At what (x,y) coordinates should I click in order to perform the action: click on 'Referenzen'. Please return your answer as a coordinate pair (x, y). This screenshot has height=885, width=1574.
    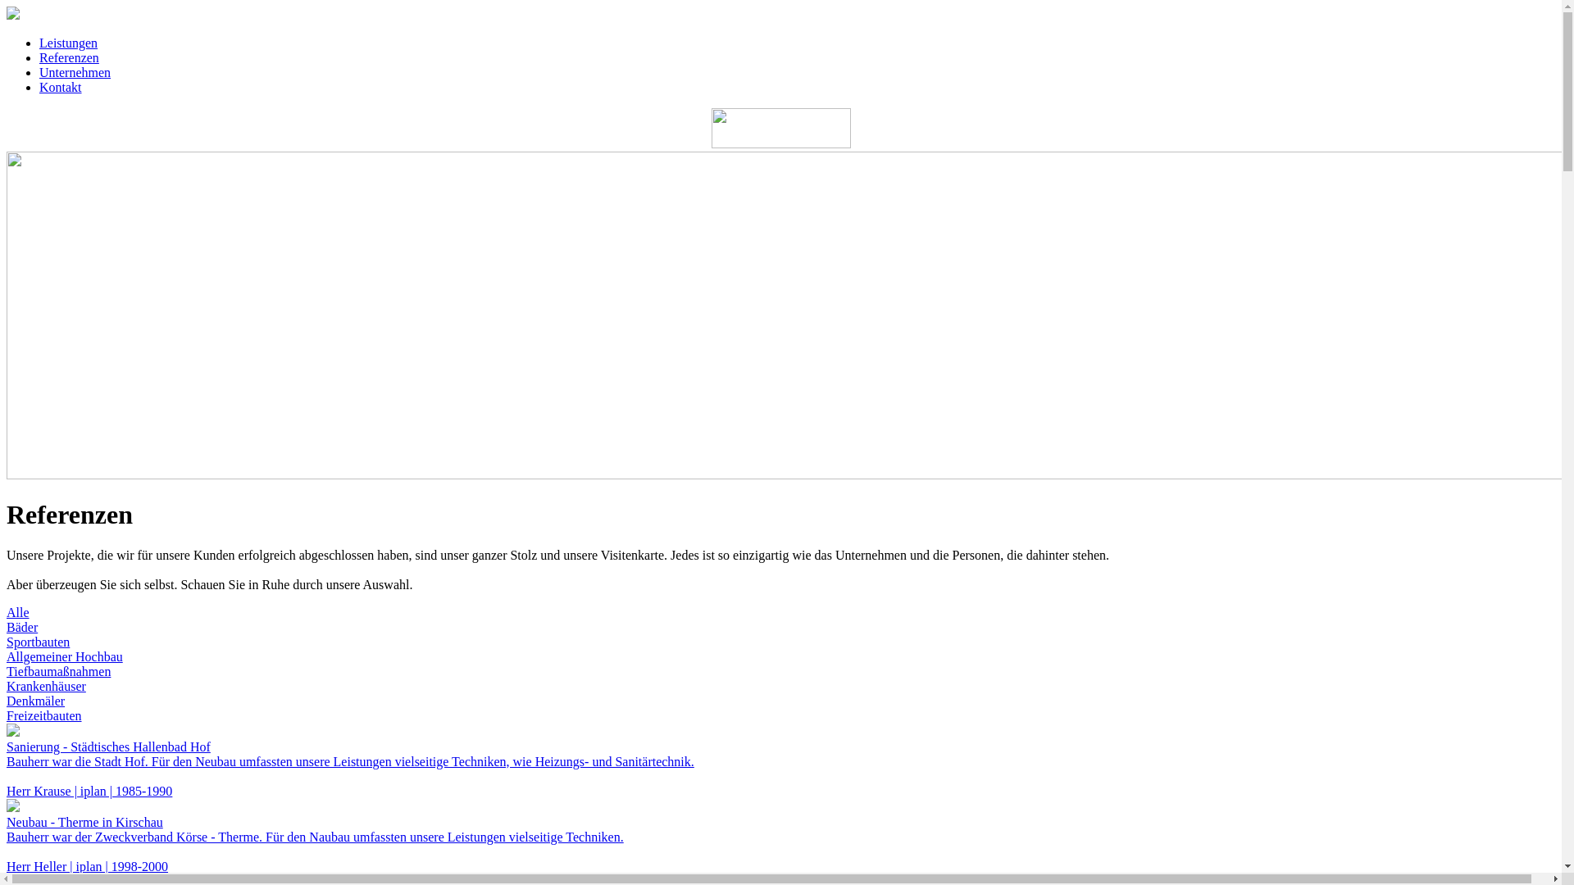
    Looking at the image, I should click on (68, 57).